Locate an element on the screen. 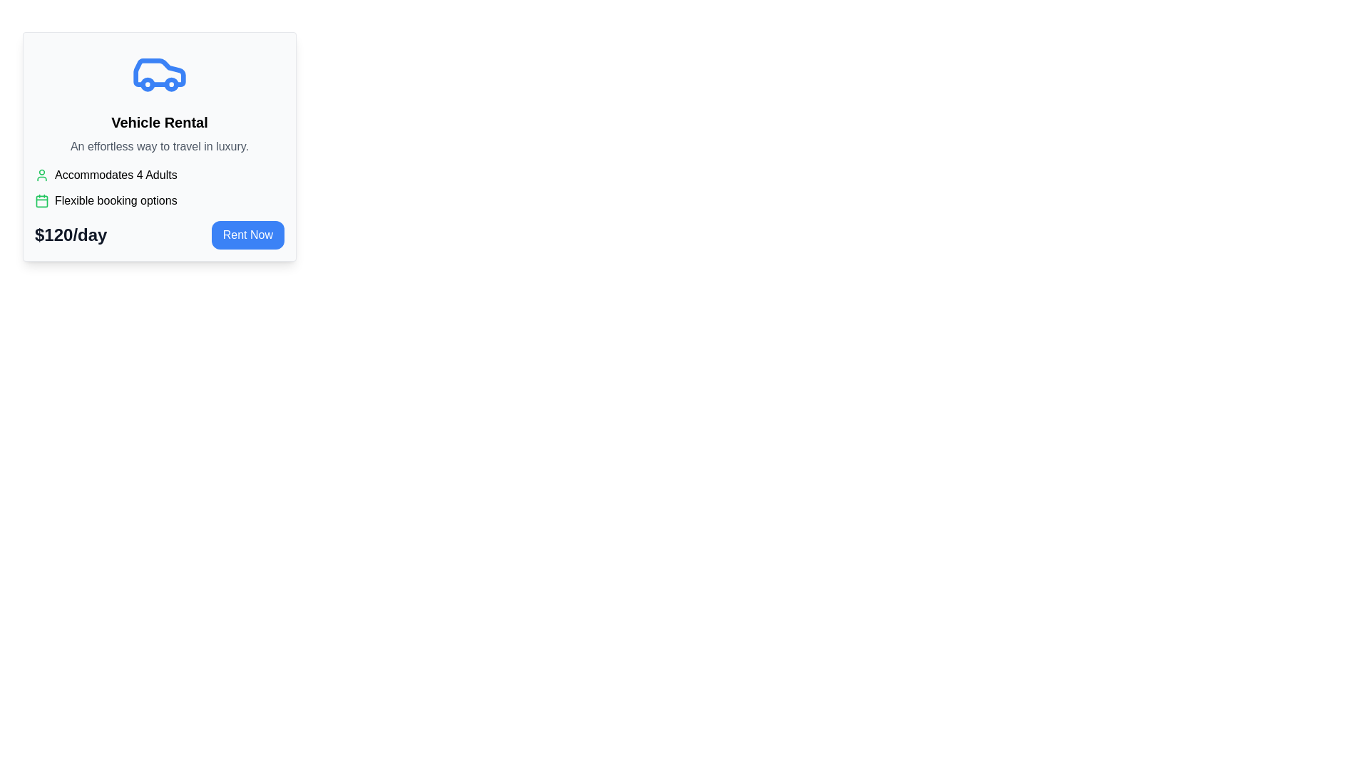 The height and width of the screenshot is (770, 1369). Decorative SVG Circle element located near the rear-right wheel area of the blue car icon within the 'Vehicle Rental' card interface using developer tools is located at coordinates (171, 84).